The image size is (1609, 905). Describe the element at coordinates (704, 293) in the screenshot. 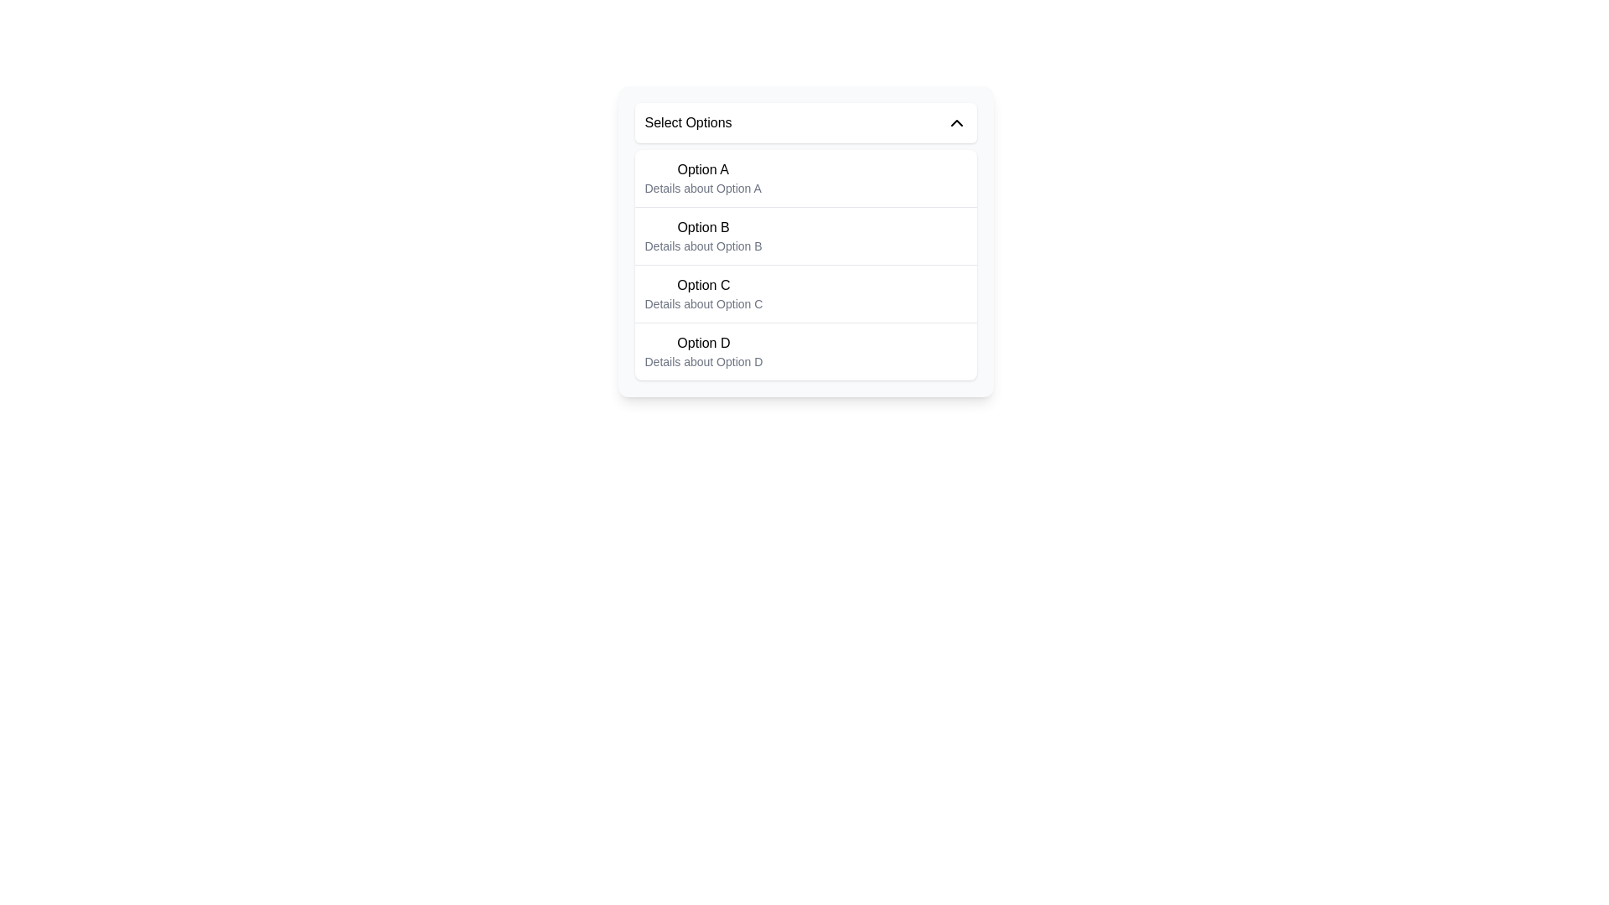

I see `the dropdown option item labeled 'Option C' which displays 'Details about Option C' in smaller gray text underneath` at that location.